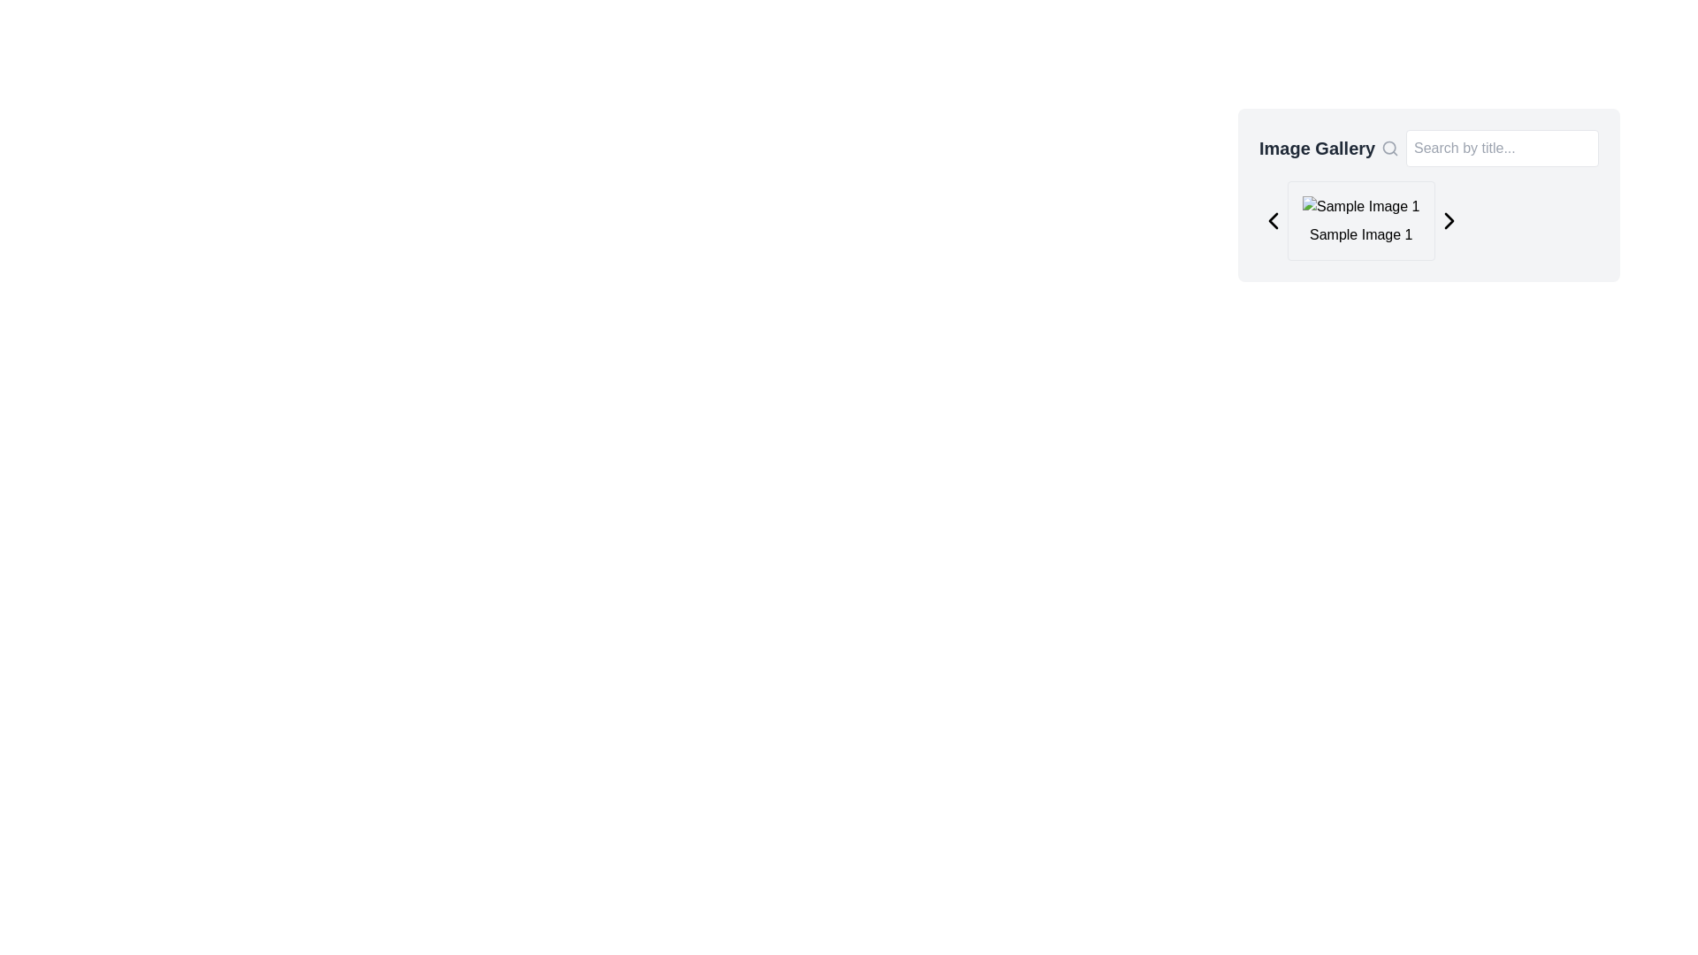 The width and height of the screenshot is (1698, 955). What do you see at coordinates (1273, 220) in the screenshot?
I see `the left chevron icon used for backward navigation in the image gallery` at bounding box center [1273, 220].